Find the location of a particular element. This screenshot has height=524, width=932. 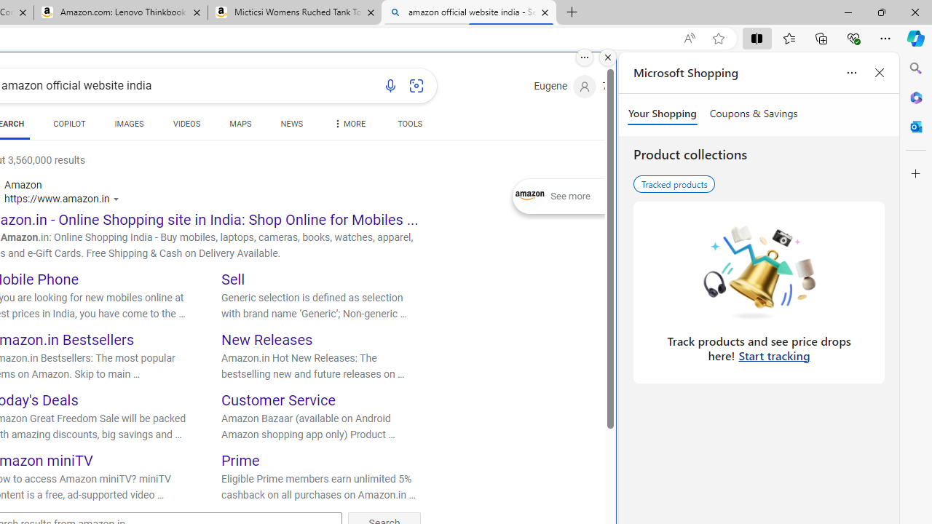

'Search using voice' is located at coordinates (390, 86).